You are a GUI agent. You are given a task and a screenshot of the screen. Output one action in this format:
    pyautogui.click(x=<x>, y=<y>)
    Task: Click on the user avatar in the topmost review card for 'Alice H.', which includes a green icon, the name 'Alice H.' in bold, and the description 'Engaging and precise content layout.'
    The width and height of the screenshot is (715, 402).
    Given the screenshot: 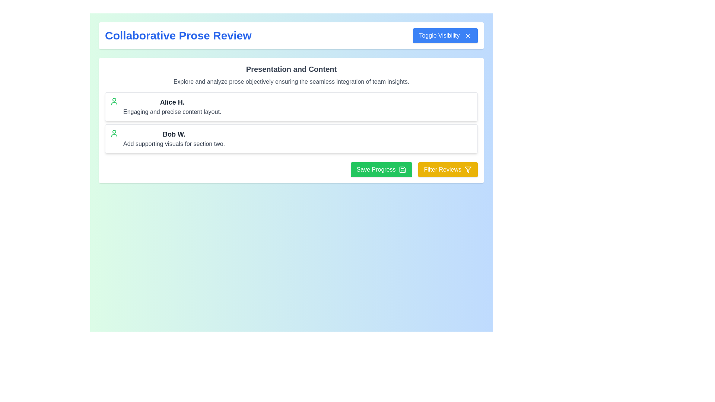 What is the action you would take?
    pyautogui.click(x=291, y=106)
    